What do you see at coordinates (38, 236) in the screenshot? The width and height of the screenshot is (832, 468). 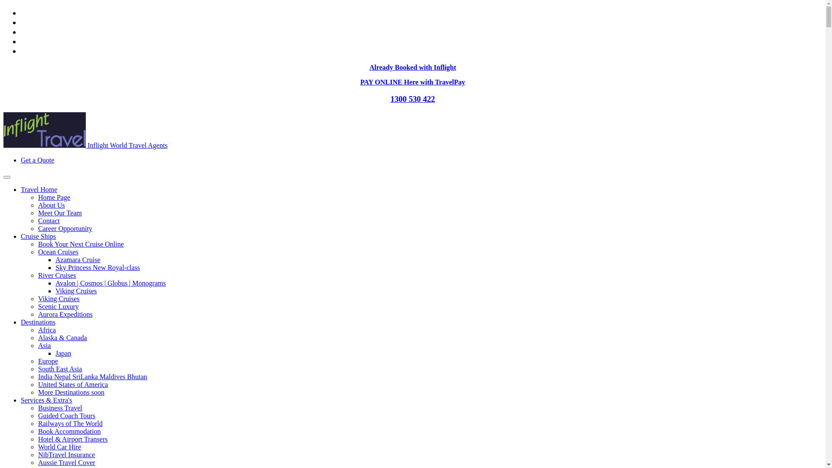 I see `'Cruise Ships'` at bounding box center [38, 236].